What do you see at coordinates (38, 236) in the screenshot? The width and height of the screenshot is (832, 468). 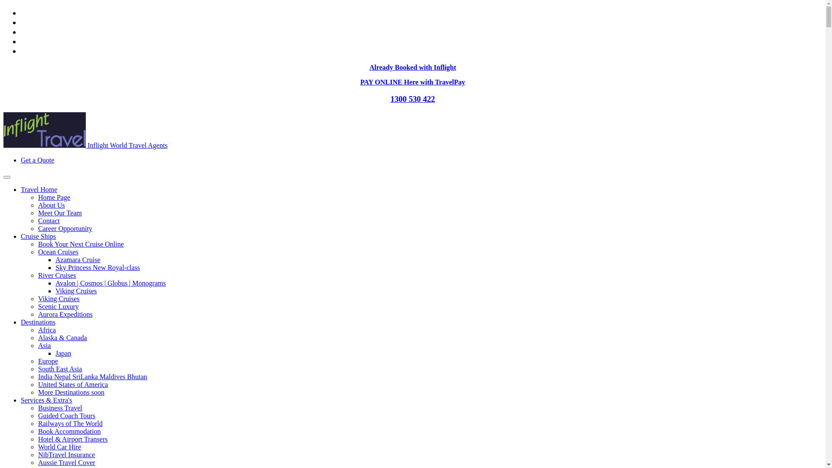 I see `'Cruise Ships'` at bounding box center [38, 236].